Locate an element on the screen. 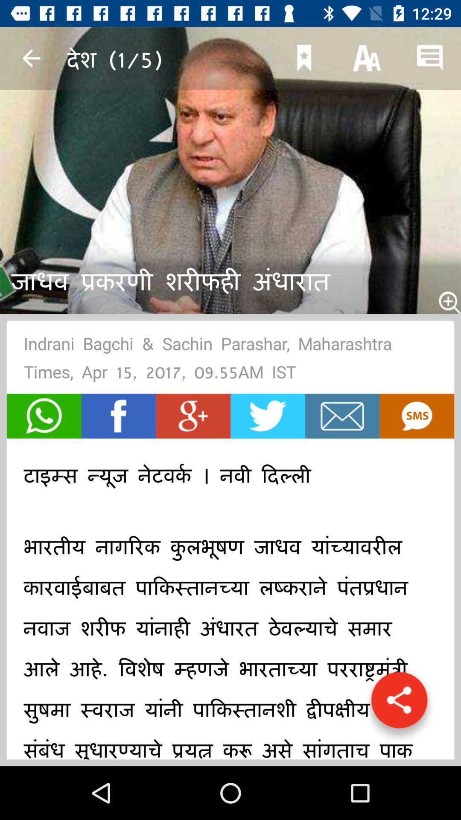 The height and width of the screenshot is (820, 461). share the article is located at coordinates (399, 704).